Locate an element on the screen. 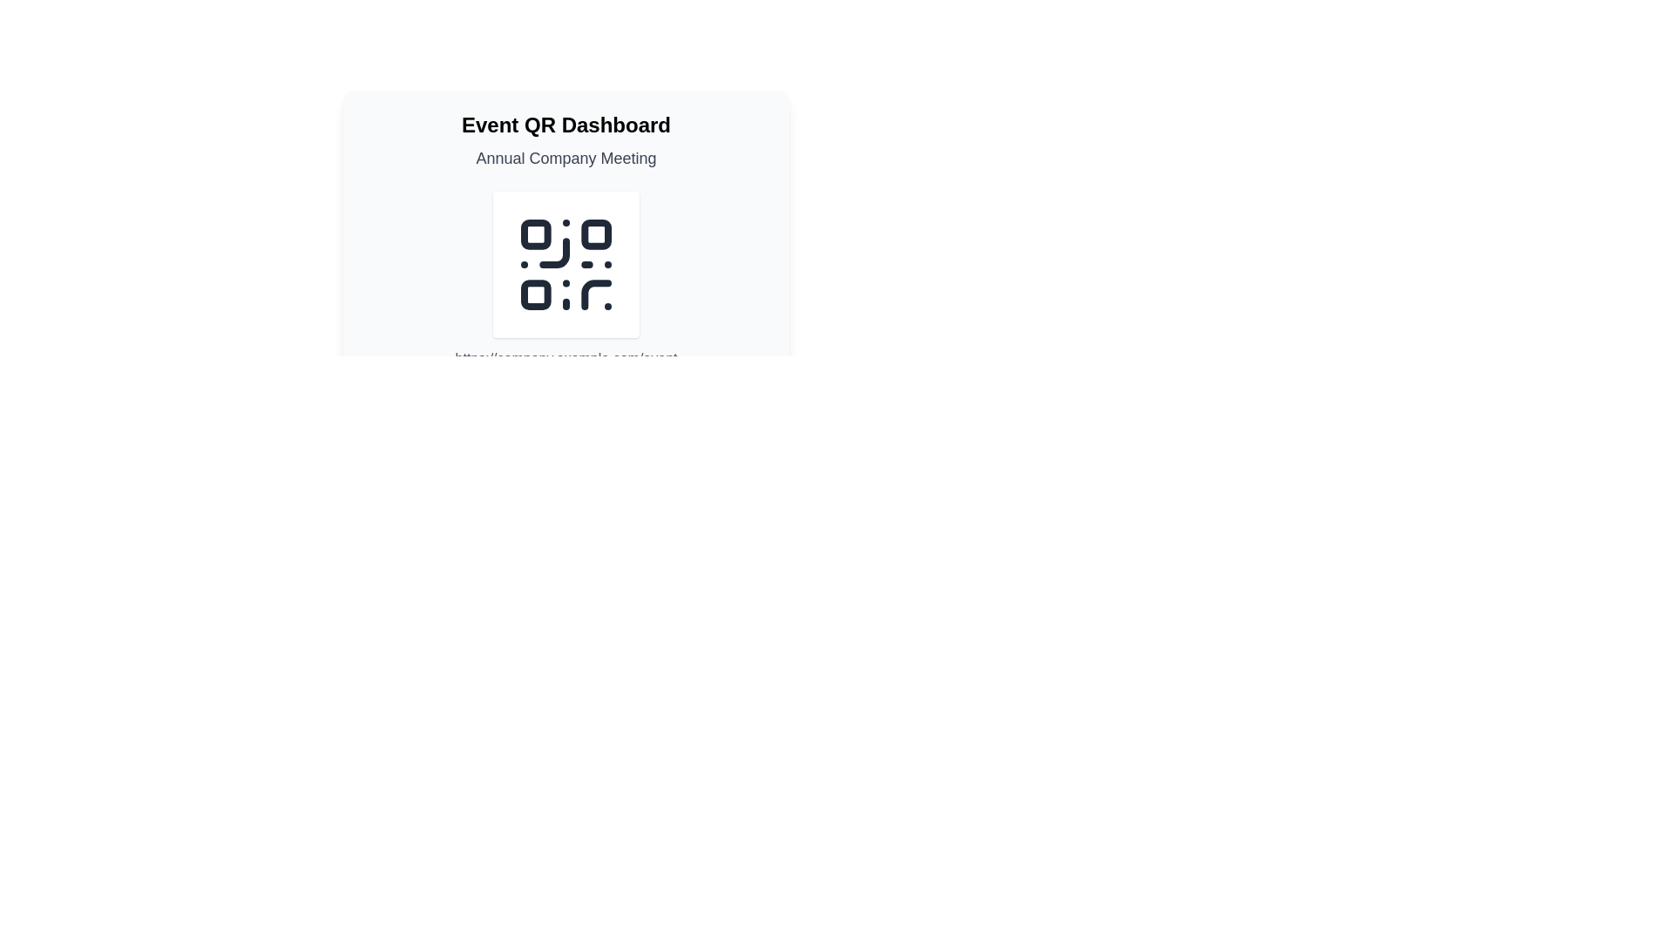  the QR code element located beneath the 'Event QR Dashboard' text and above the link 'https://company.example.com/event' is located at coordinates (566, 265).